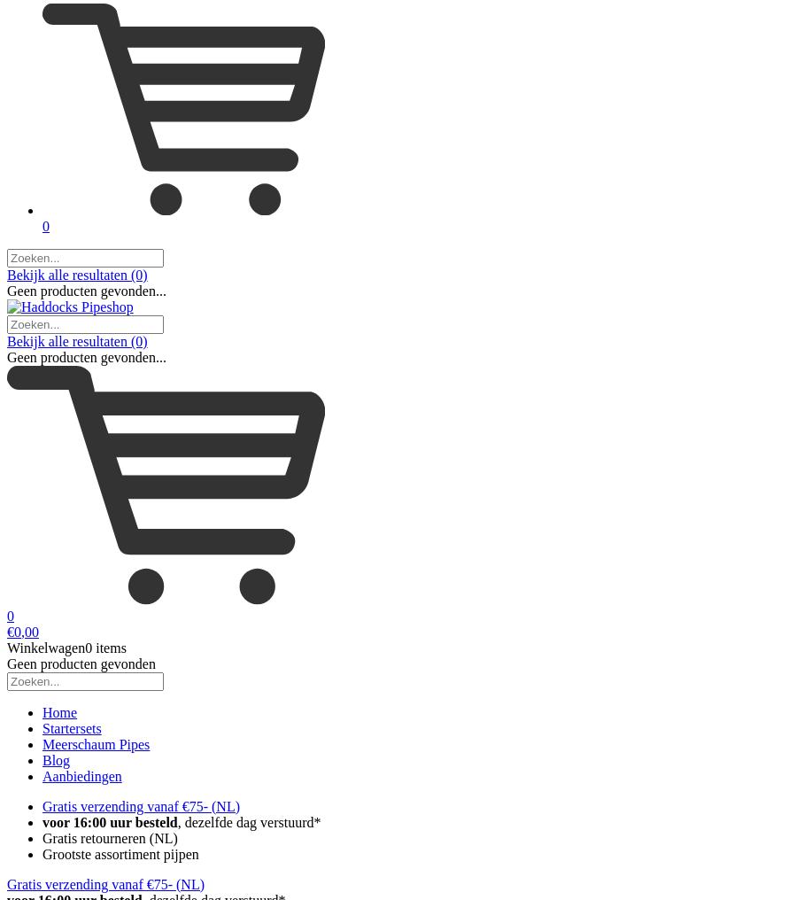  What do you see at coordinates (105, 647) in the screenshot?
I see `'0 items'` at bounding box center [105, 647].